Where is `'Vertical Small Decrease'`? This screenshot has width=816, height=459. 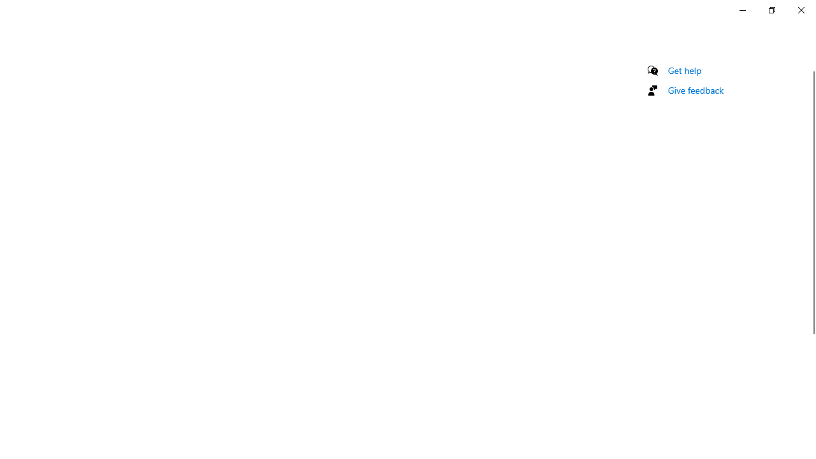
'Vertical Small Decrease' is located at coordinates (810, 66).